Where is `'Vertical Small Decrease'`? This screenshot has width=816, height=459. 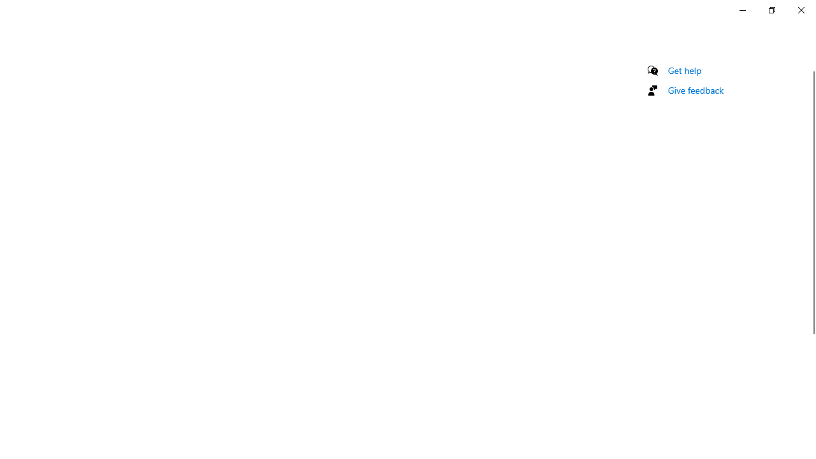
'Vertical Small Decrease' is located at coordinates (810, 66).